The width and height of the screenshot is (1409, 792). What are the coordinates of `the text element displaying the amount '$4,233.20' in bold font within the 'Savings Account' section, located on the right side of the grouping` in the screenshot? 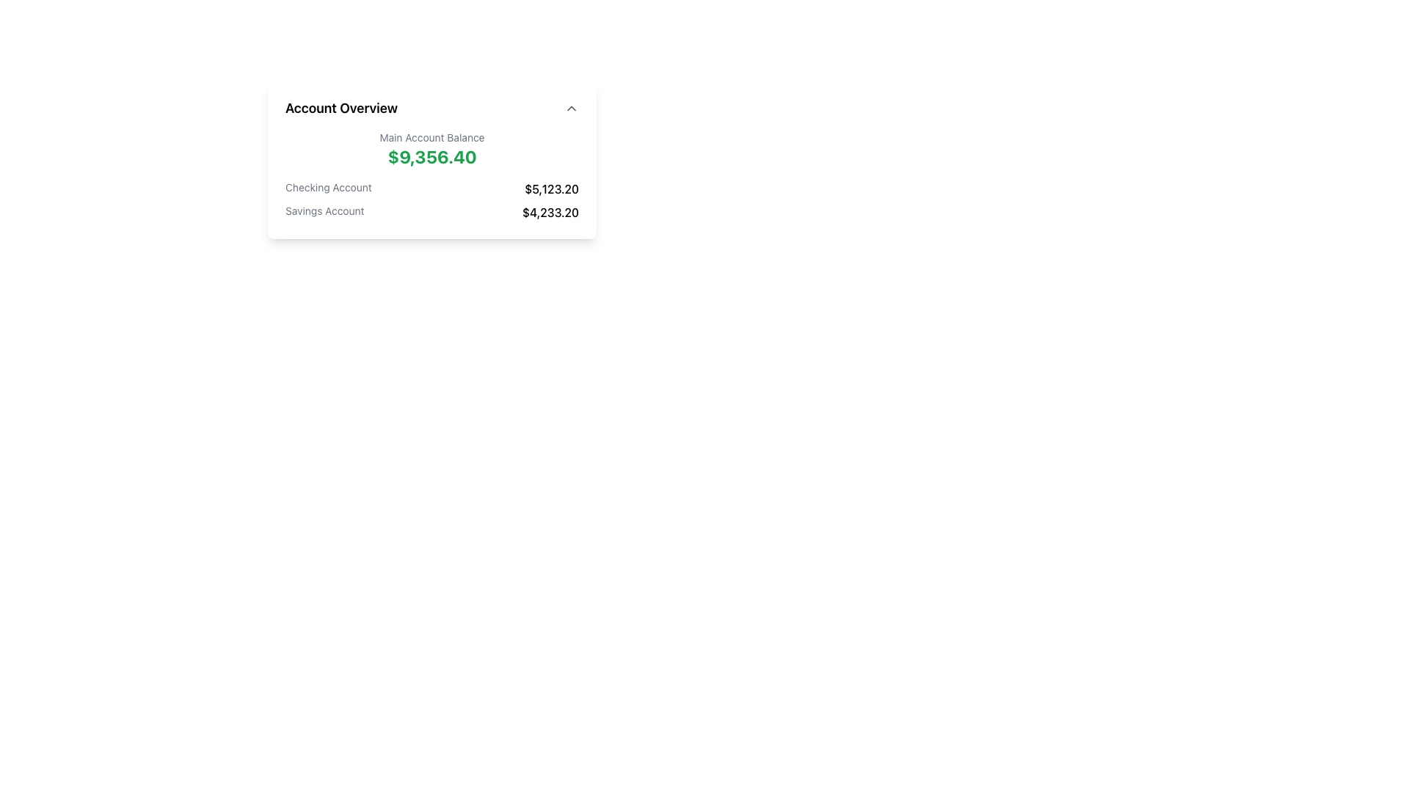 It's located at (550, 212).